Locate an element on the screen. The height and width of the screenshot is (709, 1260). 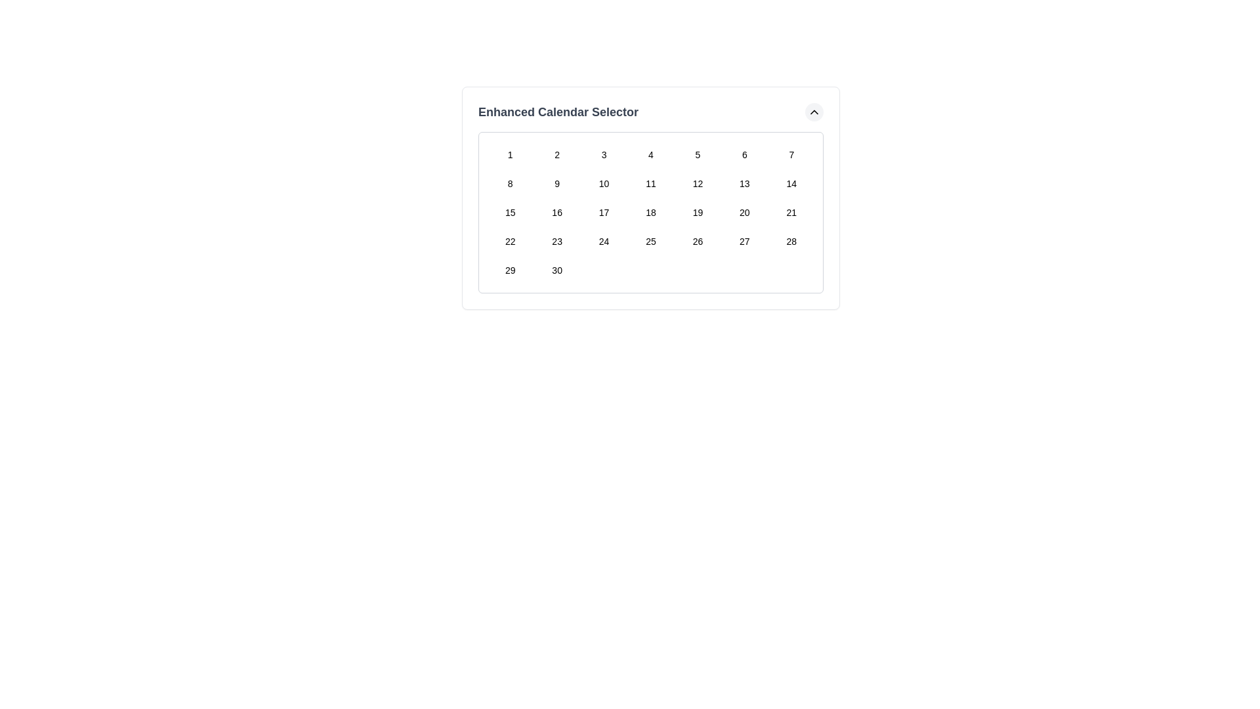
the text label reading 'Enhanced Calendar Selector', which is prominently styled in bold, large dark gray font within the header area above the calendar grid interface is located at coordinates (558, 111).